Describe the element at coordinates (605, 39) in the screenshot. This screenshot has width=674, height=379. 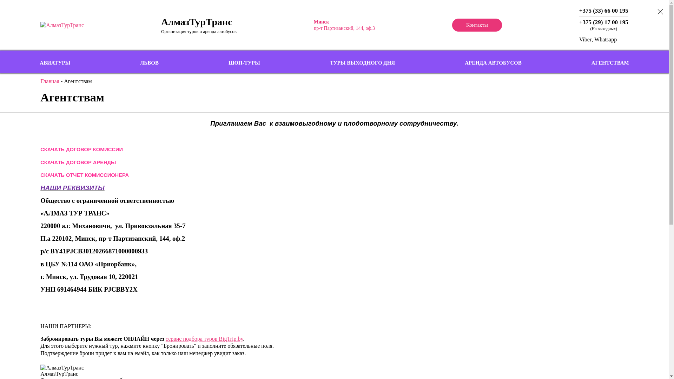
I see `'Whatsapp'` at that location.